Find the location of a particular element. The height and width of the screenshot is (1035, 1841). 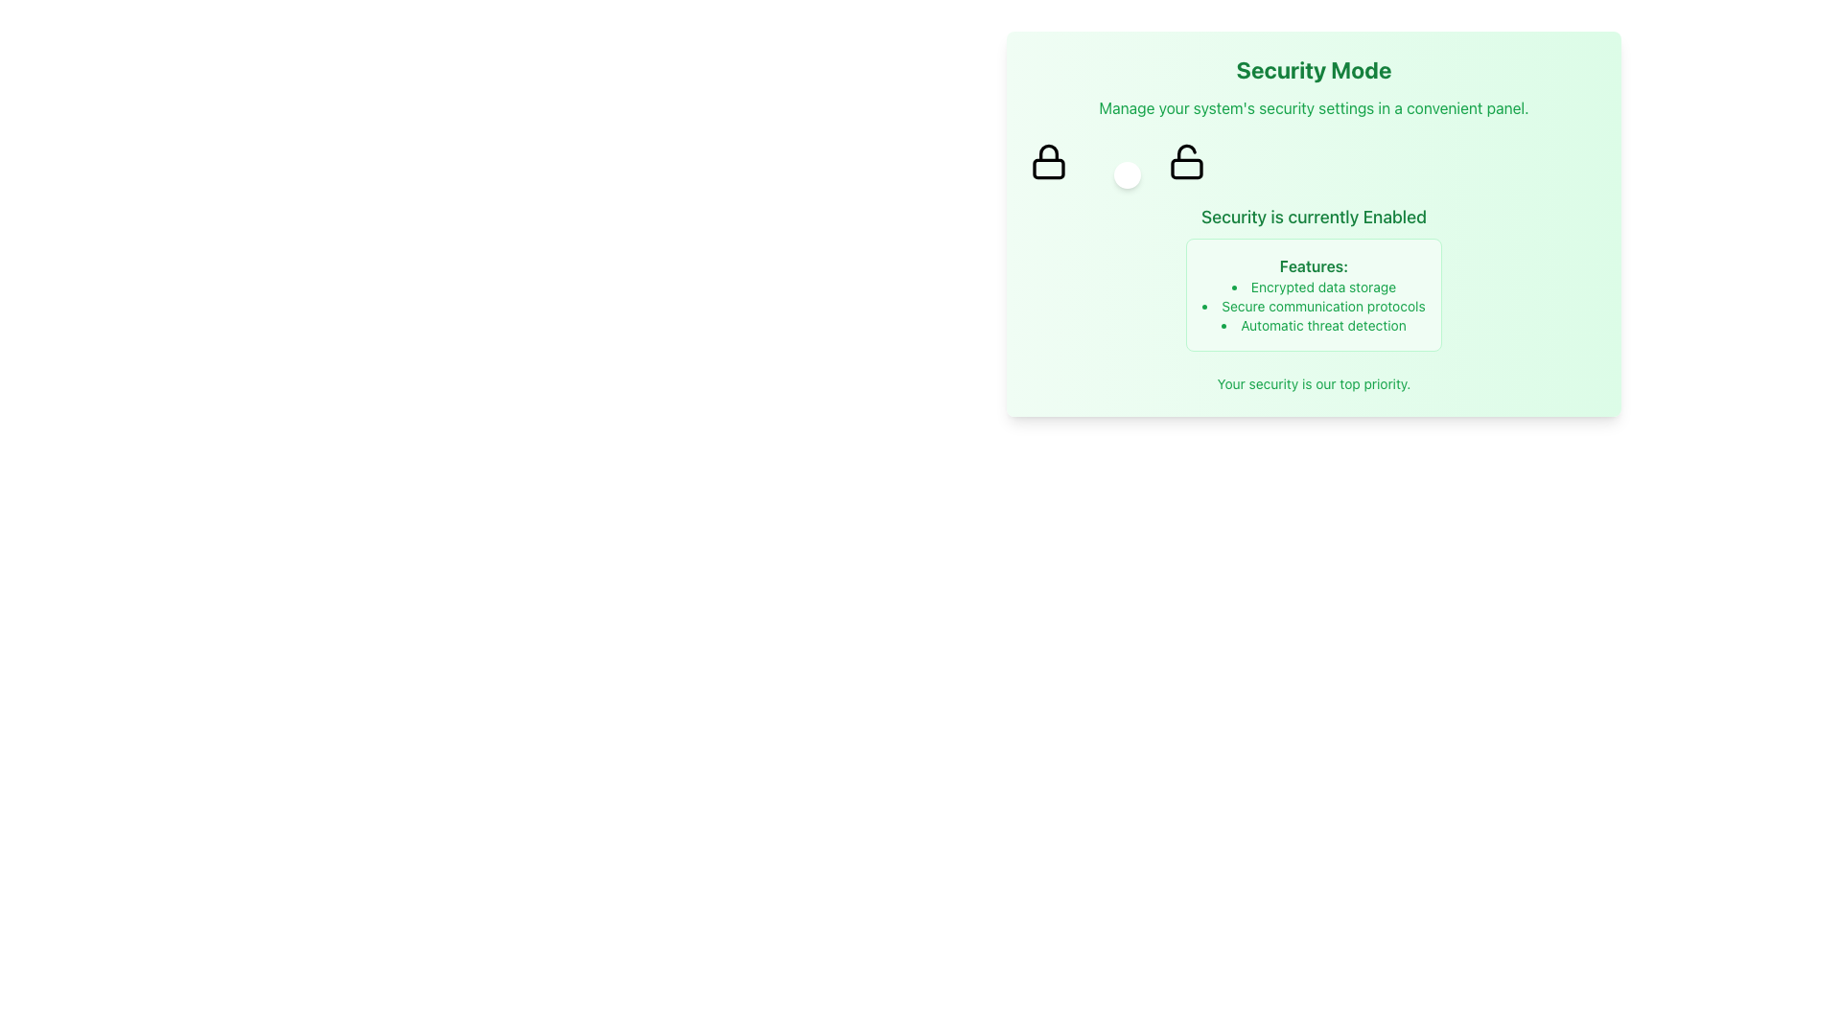

the Informational Panel titled 'Security Mode', which displays the status 'Security is currently Enabled' along with other features and a footer message is located at coordinates (1313, 223).